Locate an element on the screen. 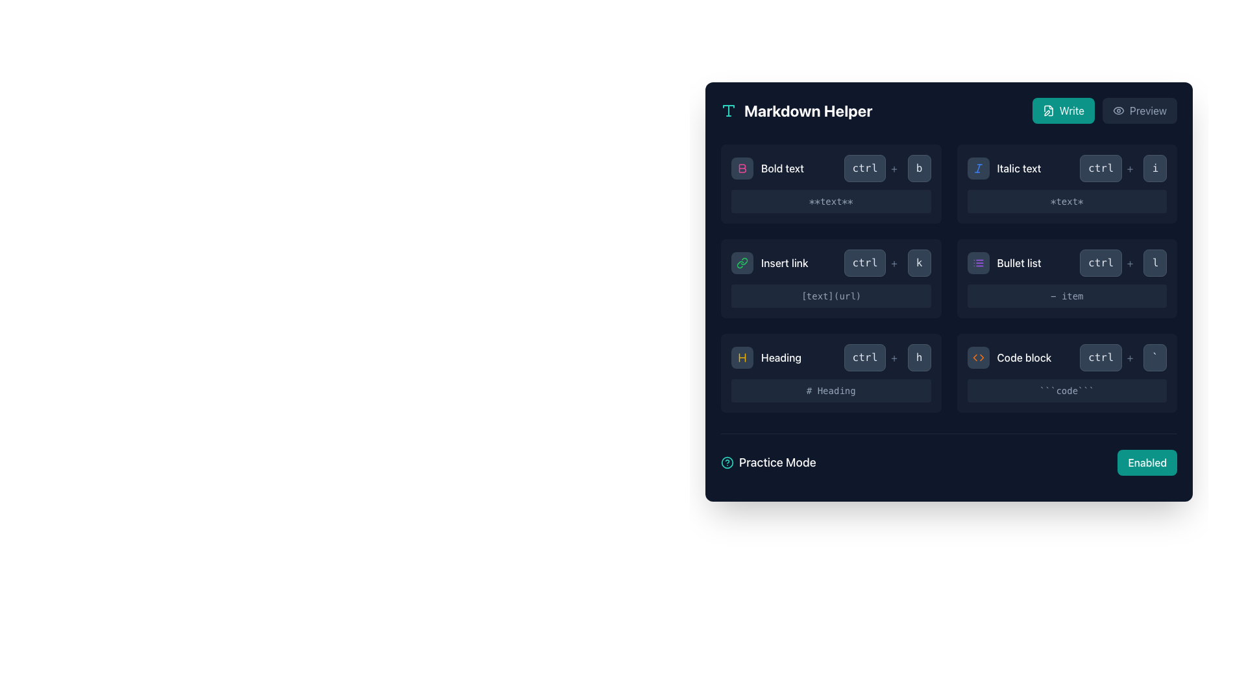 This screenshot has height=700, width=1246. the displayed Markdown link syntax text located at the bottom center of the 'Insert link' section in the 'Markdown Helper' interface is located at coordinates (831, 296).